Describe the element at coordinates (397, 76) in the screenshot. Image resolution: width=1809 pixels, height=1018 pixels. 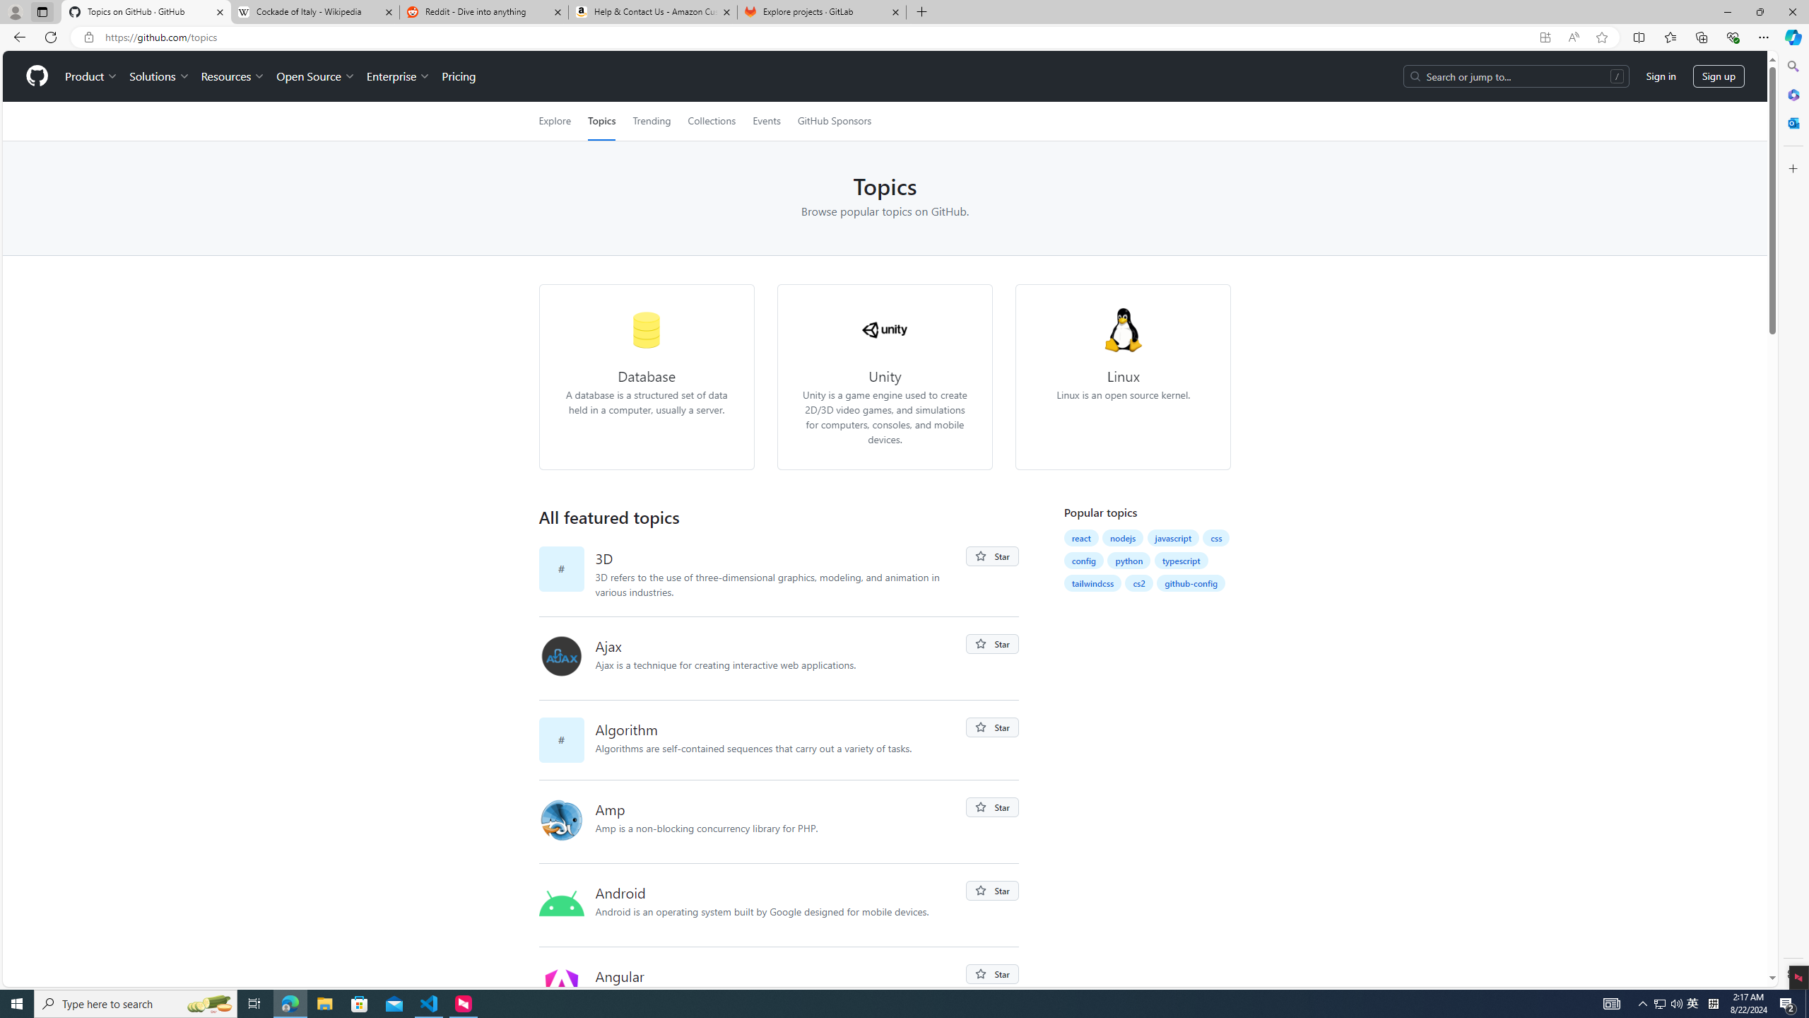
I see `'Enterprise'` at that location.